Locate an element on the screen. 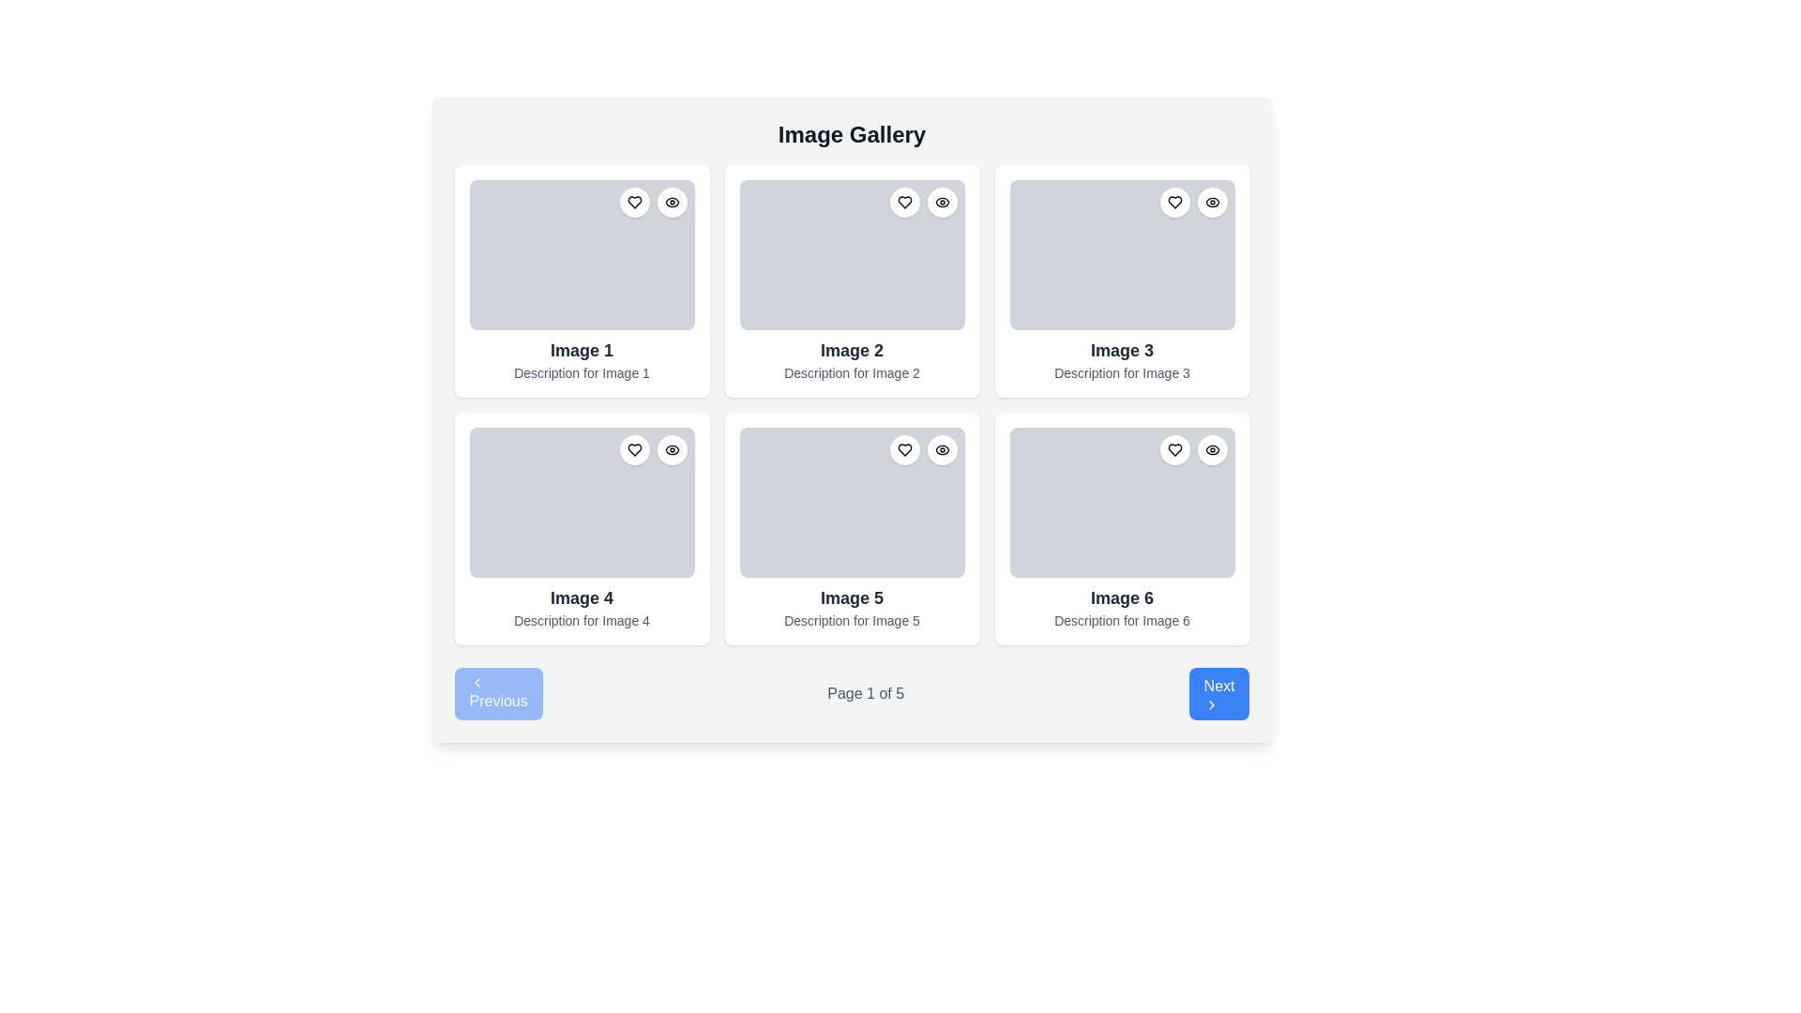 Image resolution: width=1801 pixels, height=1013 pixels. the image holder is located at coordinates (1122, 255).